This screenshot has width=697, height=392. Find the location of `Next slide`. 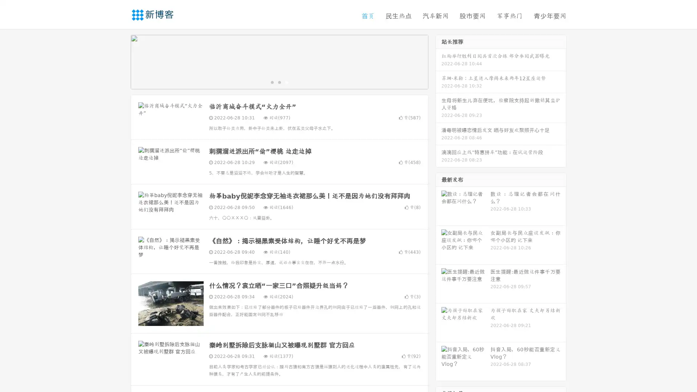

Next slide is located at coordinates (439, 61).